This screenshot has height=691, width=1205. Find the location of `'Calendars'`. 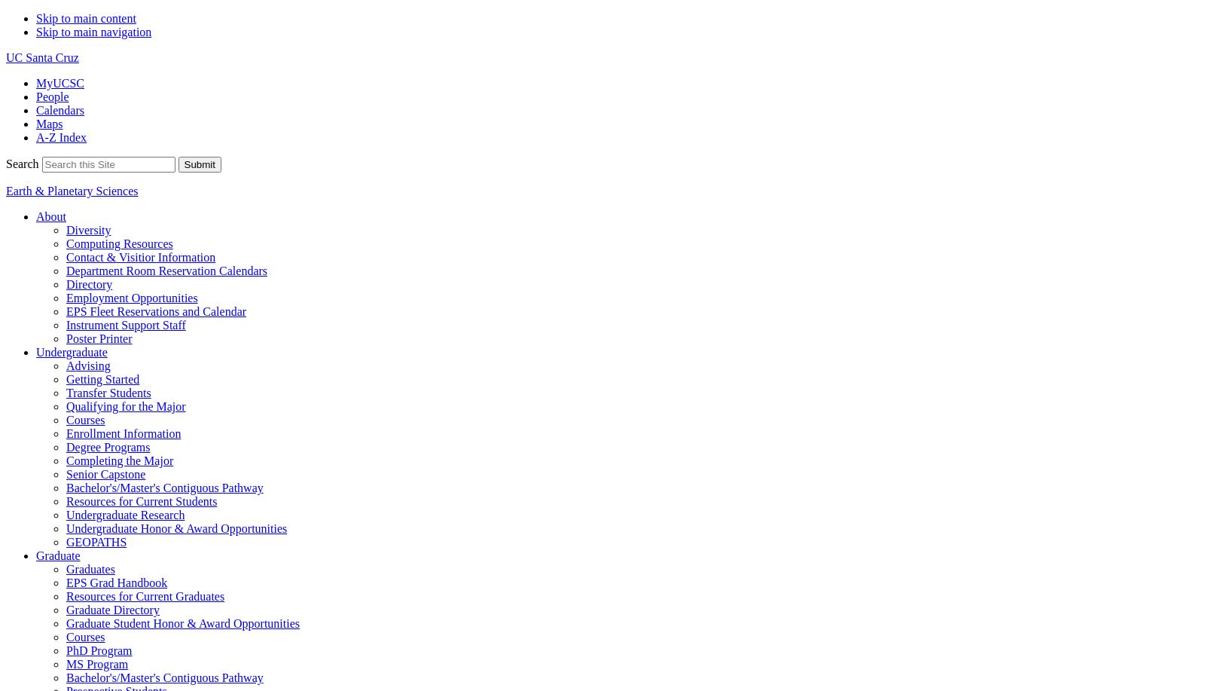

'Calendars' is located at coordinates (59, 110).